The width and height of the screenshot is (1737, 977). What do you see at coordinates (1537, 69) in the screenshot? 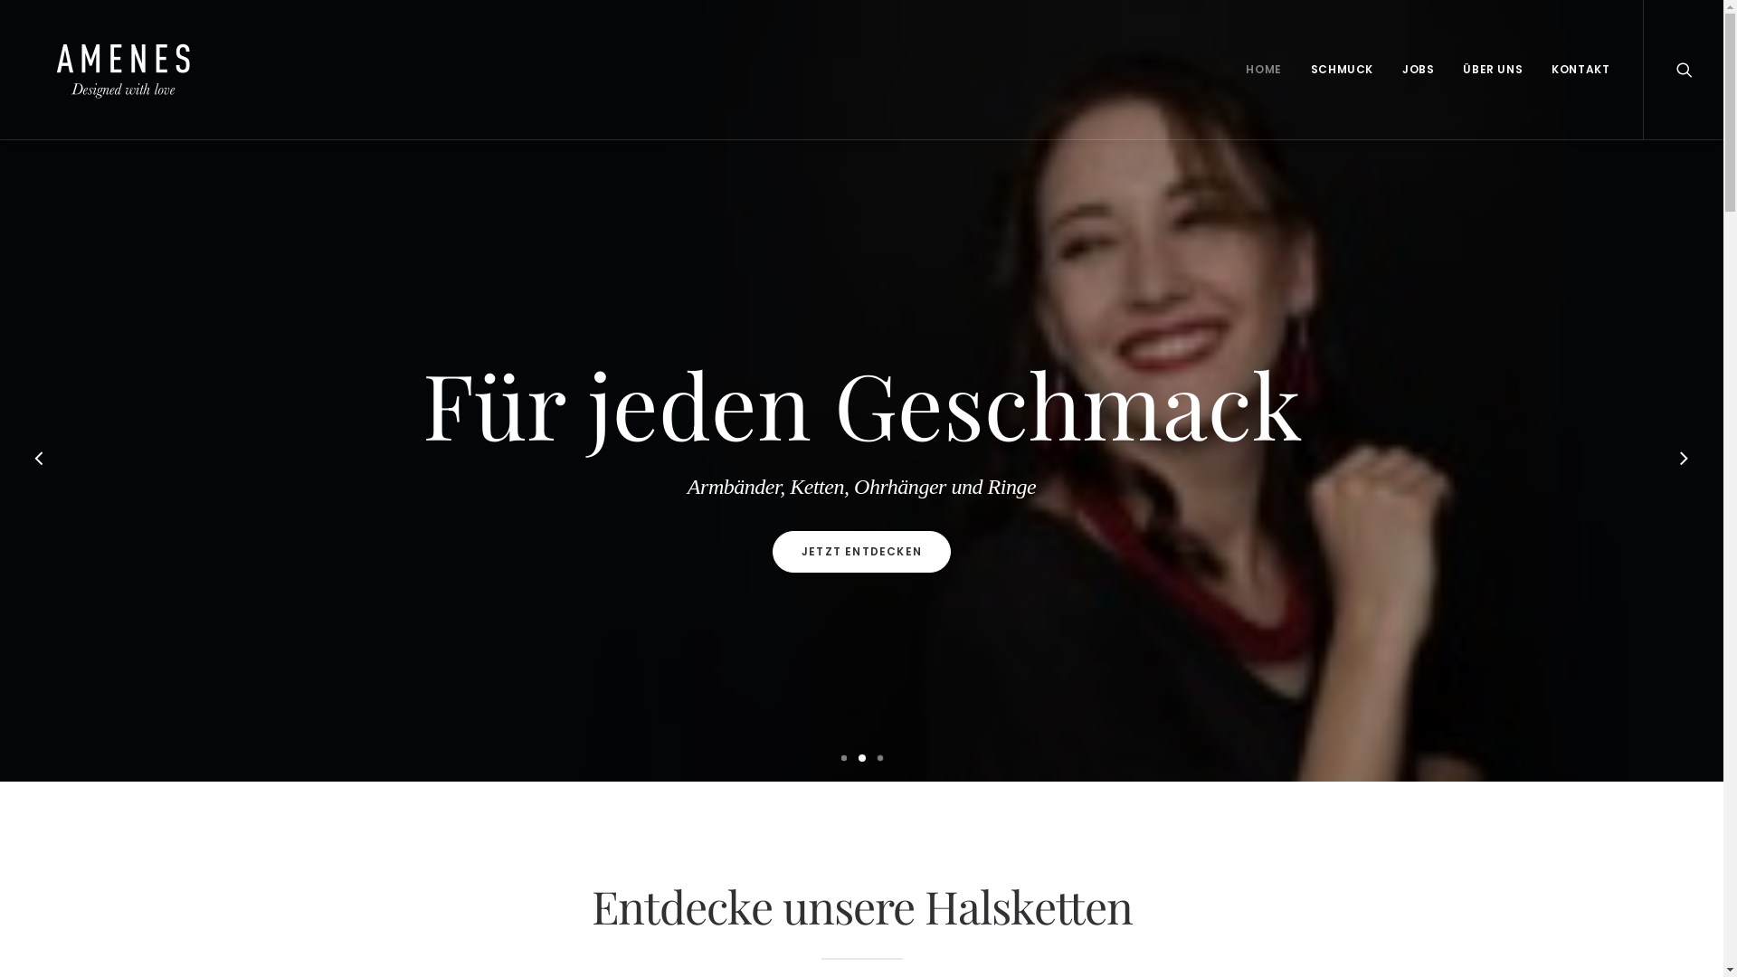
I see `'KONTAKT'` at bounding box center [1537, 69].